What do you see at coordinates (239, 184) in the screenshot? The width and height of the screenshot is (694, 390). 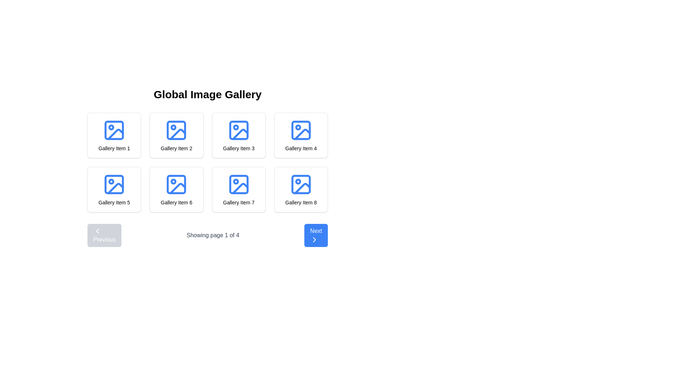 I see `the icon representing the image in the gallery, which is located at the bottom center of the 'Gallery Item 7' card` at bounding box center [239, 184].